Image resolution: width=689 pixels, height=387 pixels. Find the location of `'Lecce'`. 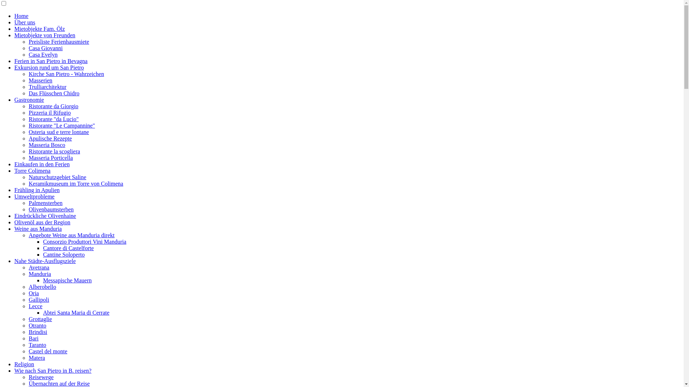

'Lecce' is located at coordinates (35, 306).